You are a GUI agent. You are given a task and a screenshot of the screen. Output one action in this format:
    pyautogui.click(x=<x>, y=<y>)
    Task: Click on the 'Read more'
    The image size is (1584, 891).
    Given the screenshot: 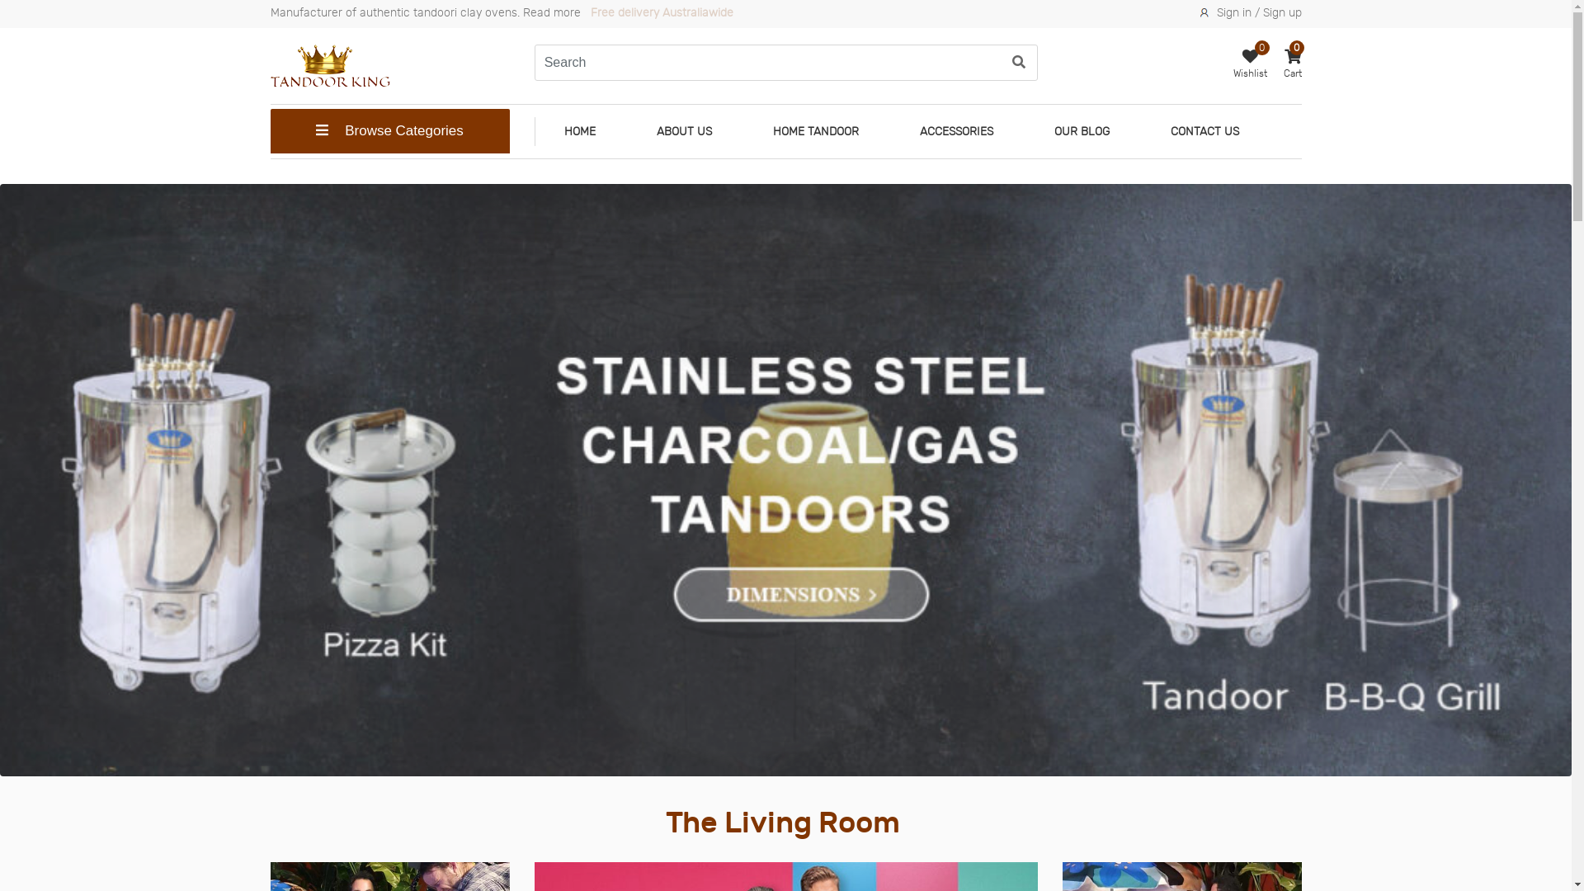 What is the action you would take?
    pyautogui.click(x=551, y=12)
    